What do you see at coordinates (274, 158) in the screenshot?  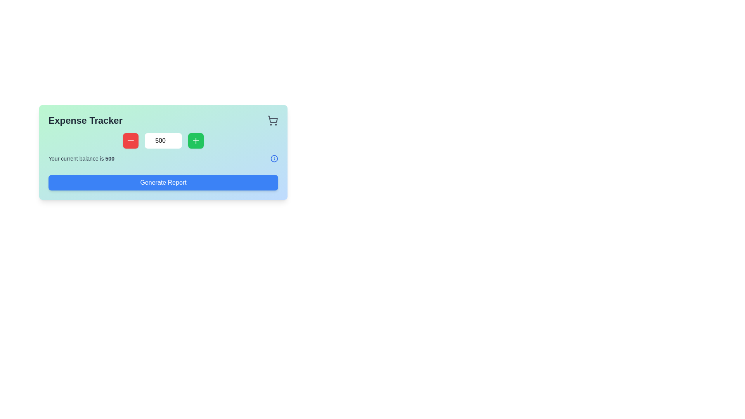 I see `the Information Icon located to the far right of the text 'Your current balance is 500'` at bounding box center [274, 158].